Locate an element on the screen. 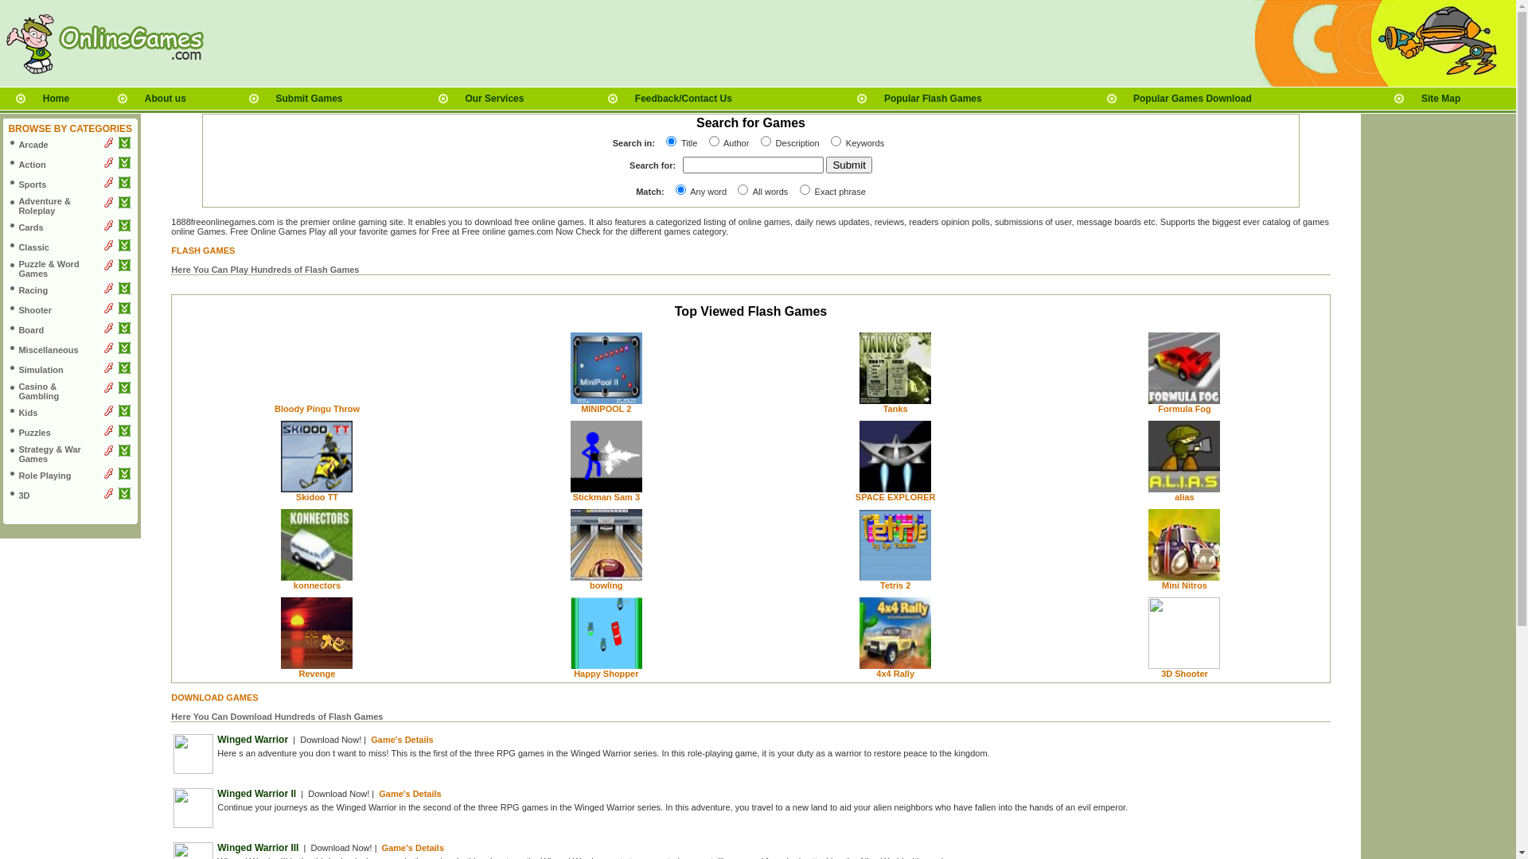 The height and width of the screenshot is (859, 1528). 'konnectors' is located at coordinates (317, 585).